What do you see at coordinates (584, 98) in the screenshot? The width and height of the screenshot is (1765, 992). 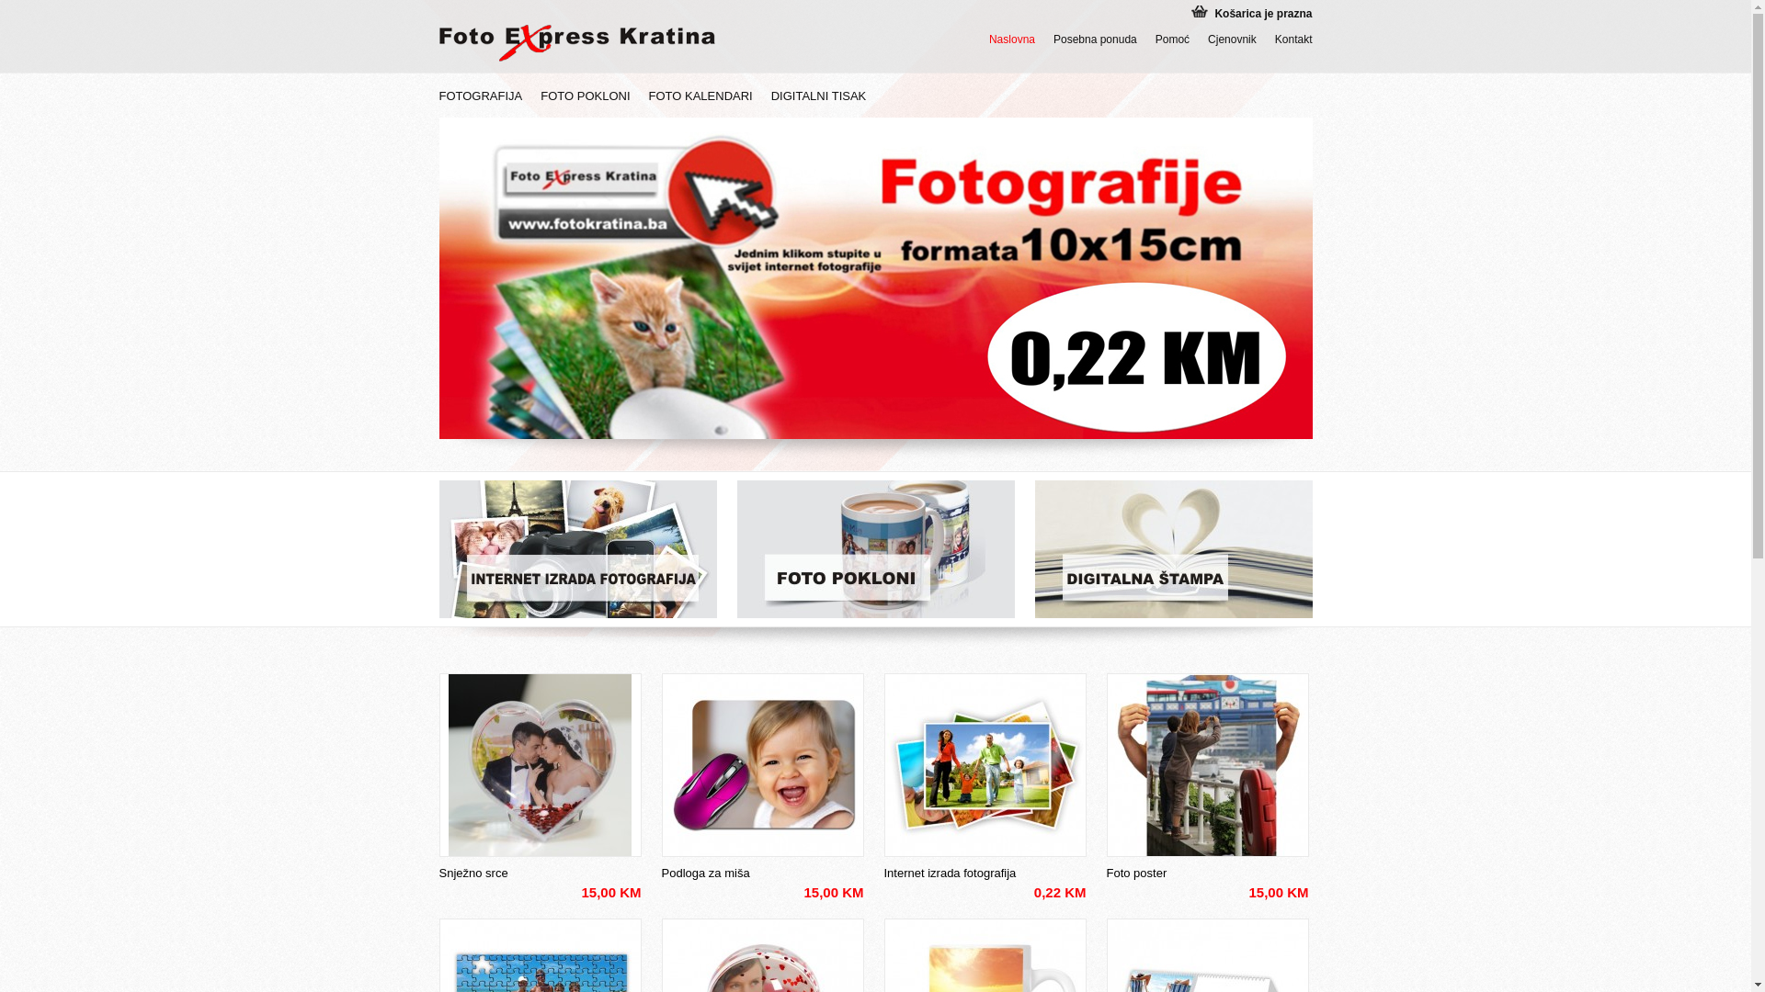 I see `'FOTO POKLONI'` at bounding box center [584, 98].